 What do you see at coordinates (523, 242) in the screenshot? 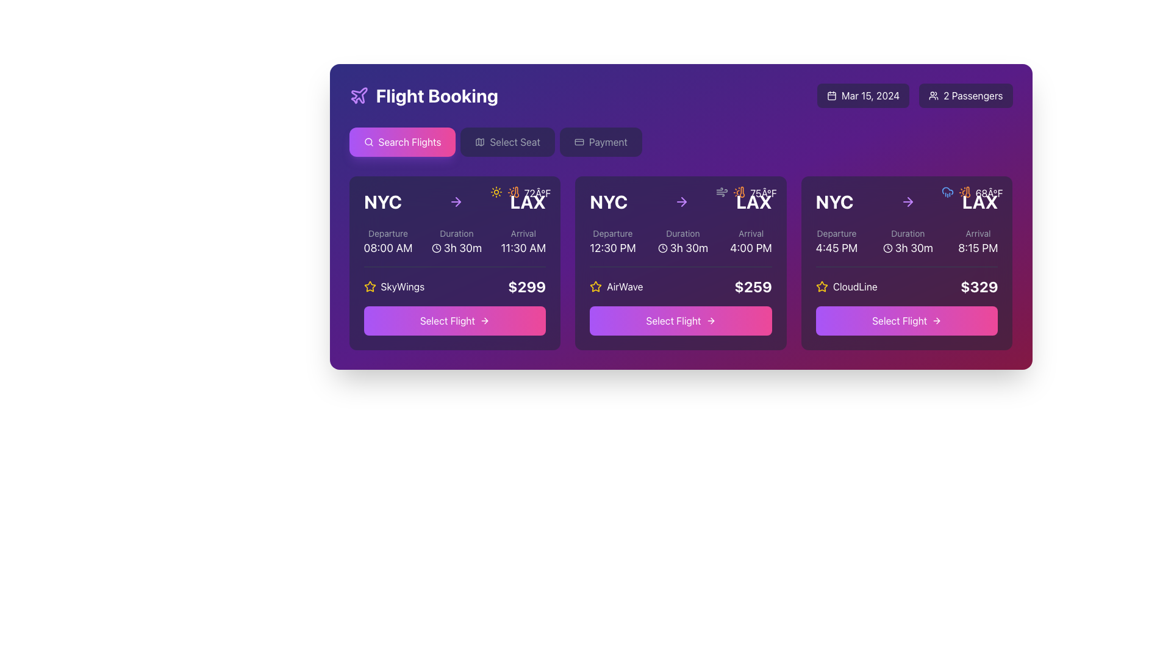
I see `the 'Arrival time' text label located in the bottom right of the first flight itinerary card, which is beneath the 'Duration' section and to the left of the price` at bounding box center [523, 242].